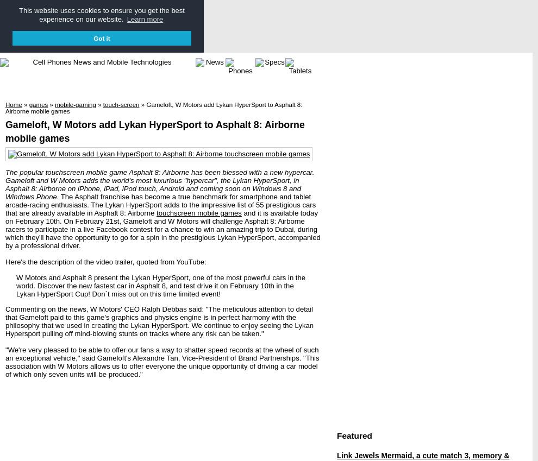 The width and height of the screenshot is (538, 461). What do you see at coordinates (159, 320) in the screenshot?
I see `'Commenting on the news, W Motors' CEO Ralph Debbas said: "The meticulous attention to detail that Gameloft paid to this game's graphics and physics engine is in perfect harmony with the philosophy that we used in creating the Lykan HyperSport. We continue to enjoy seeing the Lykan Hypersport pulling off mind-blowing stunts on tracks where any risk can be taken."'` at bounding box center [159, 320].